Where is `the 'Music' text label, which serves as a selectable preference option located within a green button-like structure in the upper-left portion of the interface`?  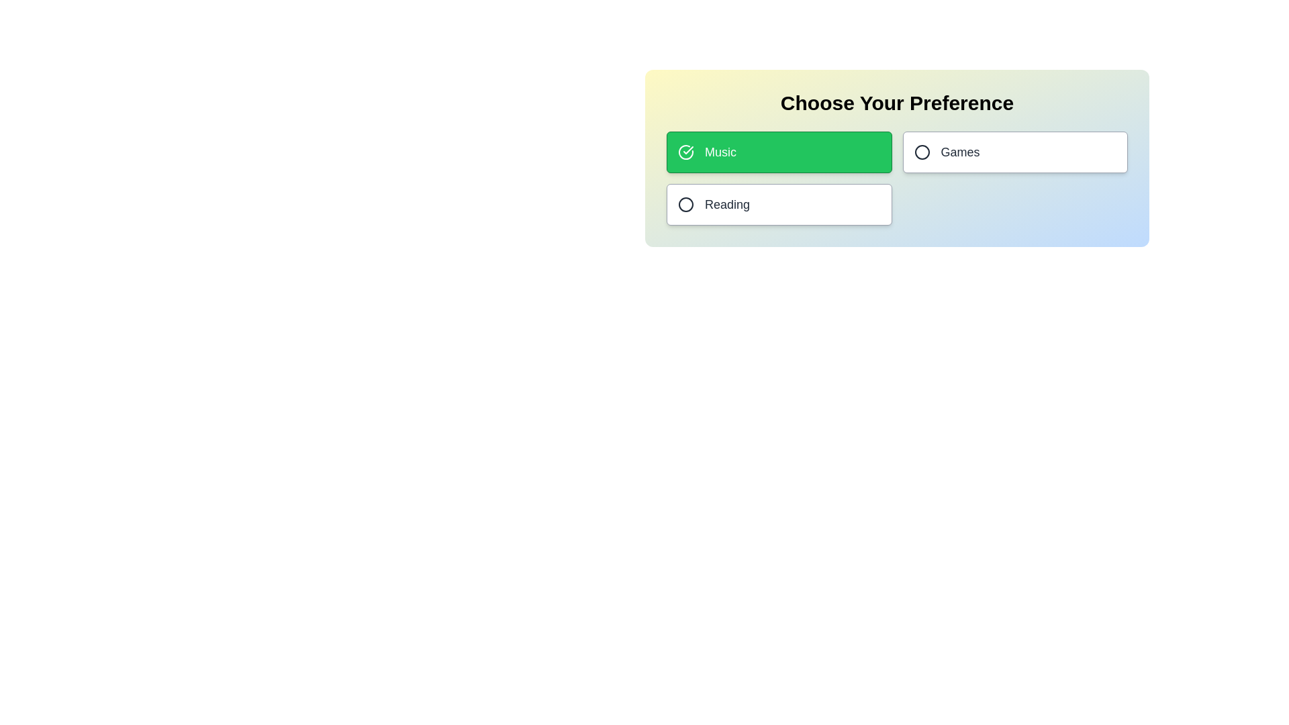
the 'Music' text label, which serves as a selectable preference option located within a green button-like structure in the upper-left portion of the interface is located at coordinates (720, 152).